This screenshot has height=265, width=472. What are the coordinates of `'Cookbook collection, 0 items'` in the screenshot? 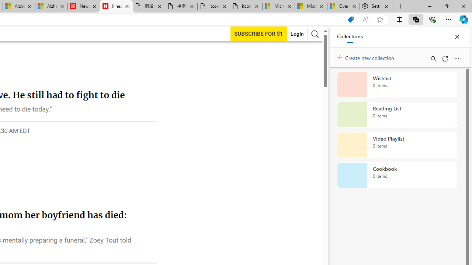 It's located at (397, 175).